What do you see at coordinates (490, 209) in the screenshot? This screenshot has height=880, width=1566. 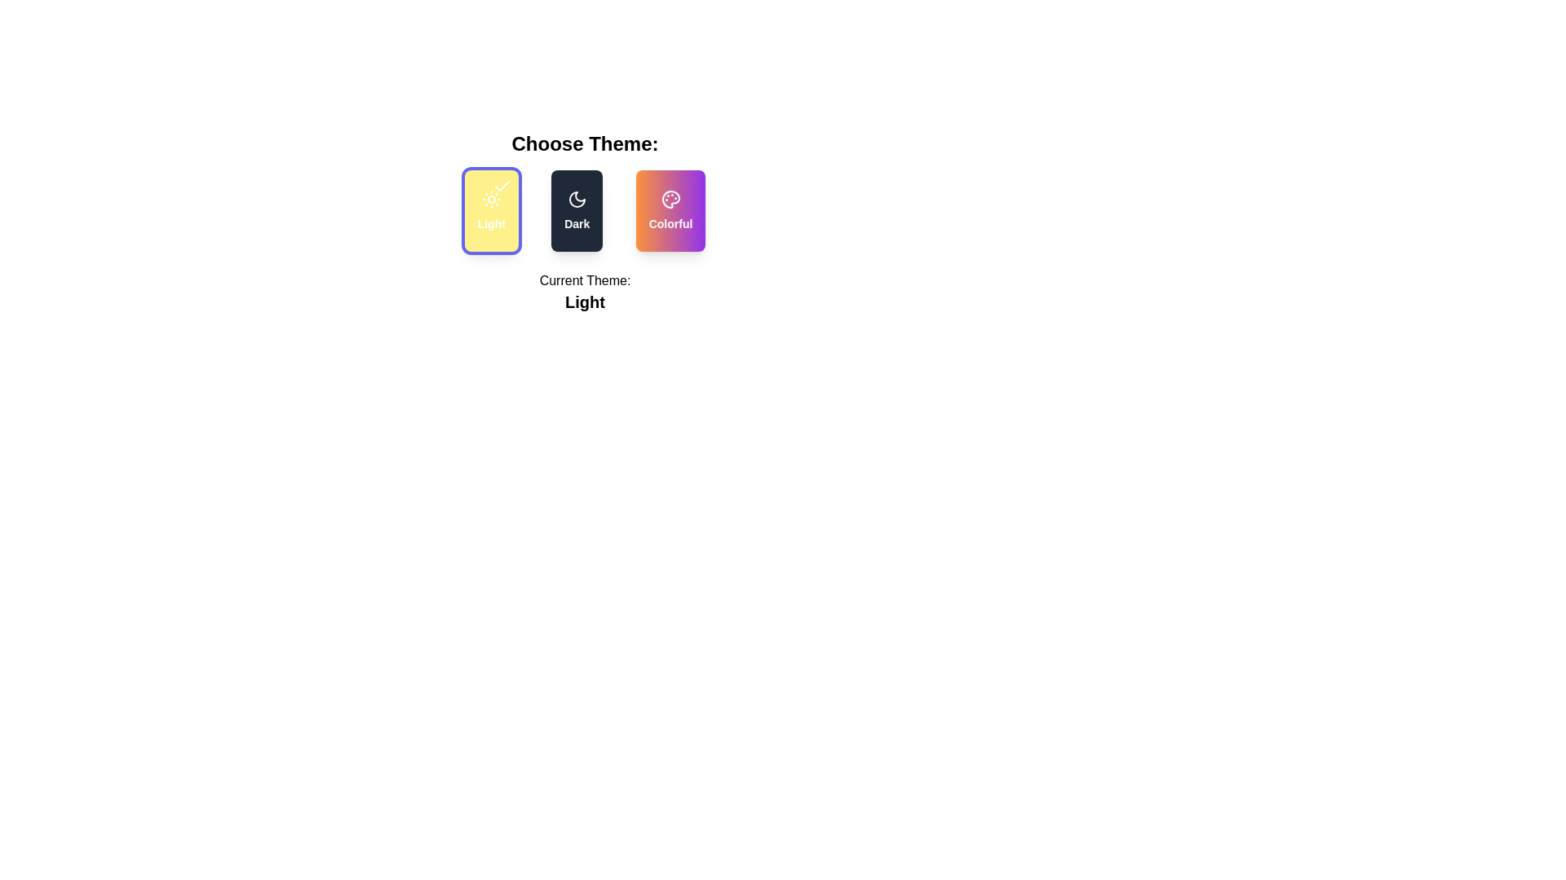 I see `the theme by clicking on the corresponding button for Light` at bounding box center [490, 209].